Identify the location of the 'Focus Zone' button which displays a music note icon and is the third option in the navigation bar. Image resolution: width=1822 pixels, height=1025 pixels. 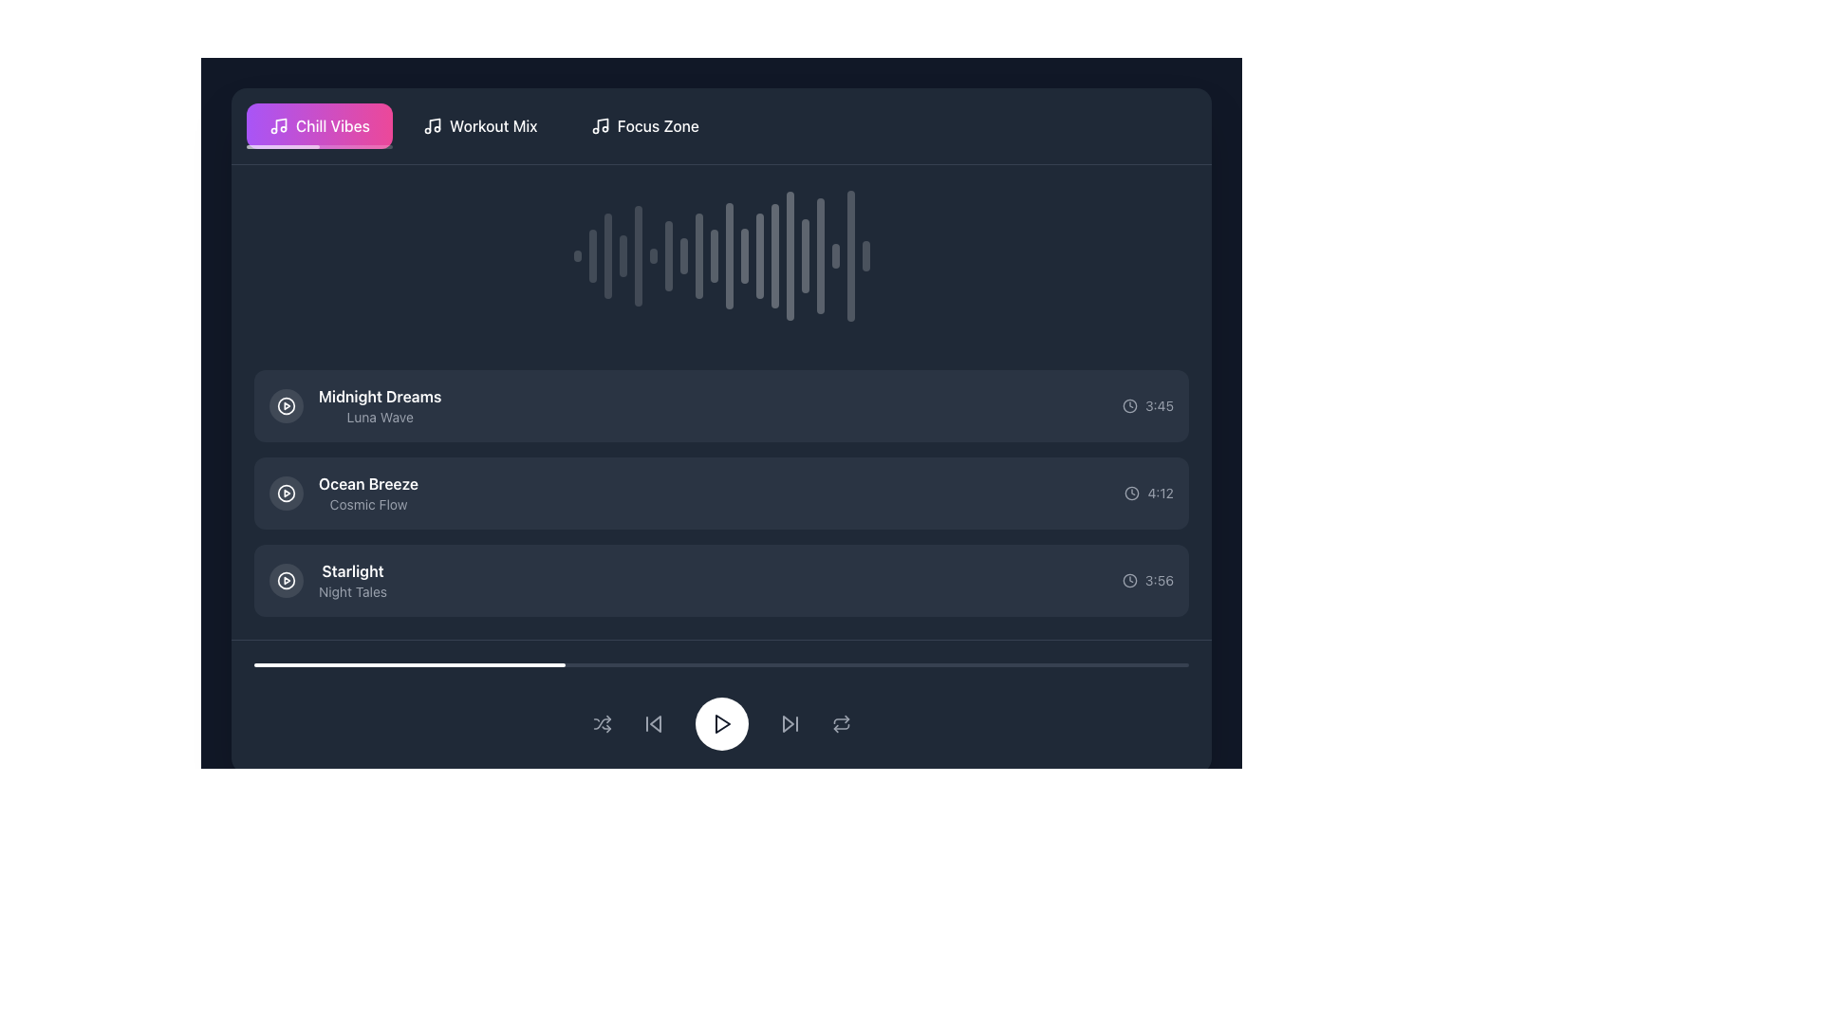
(644, 125).